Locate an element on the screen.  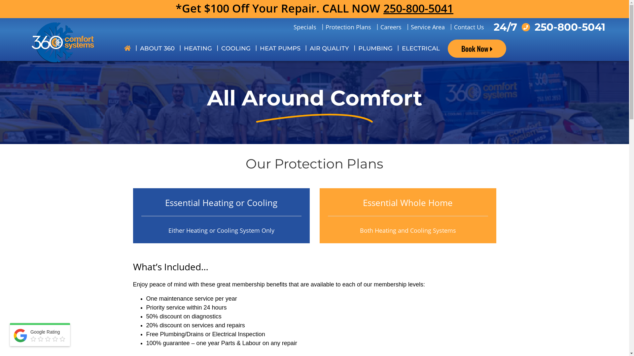
'HEAT PUMPS' is located at coordinates (280, 48).